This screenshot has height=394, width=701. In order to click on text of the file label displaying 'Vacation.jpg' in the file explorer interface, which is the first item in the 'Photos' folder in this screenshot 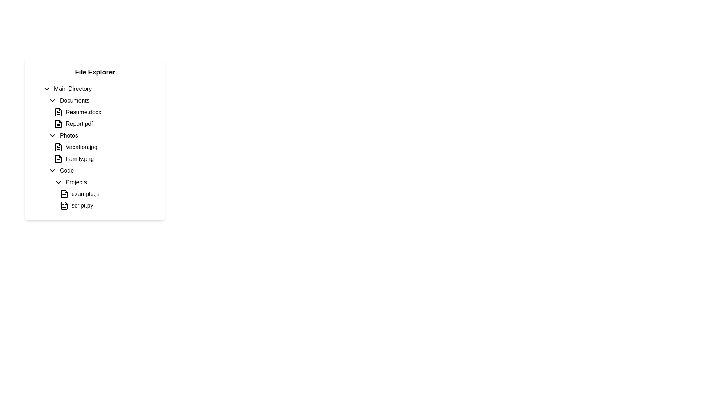, I will do `click(81, 147)`.